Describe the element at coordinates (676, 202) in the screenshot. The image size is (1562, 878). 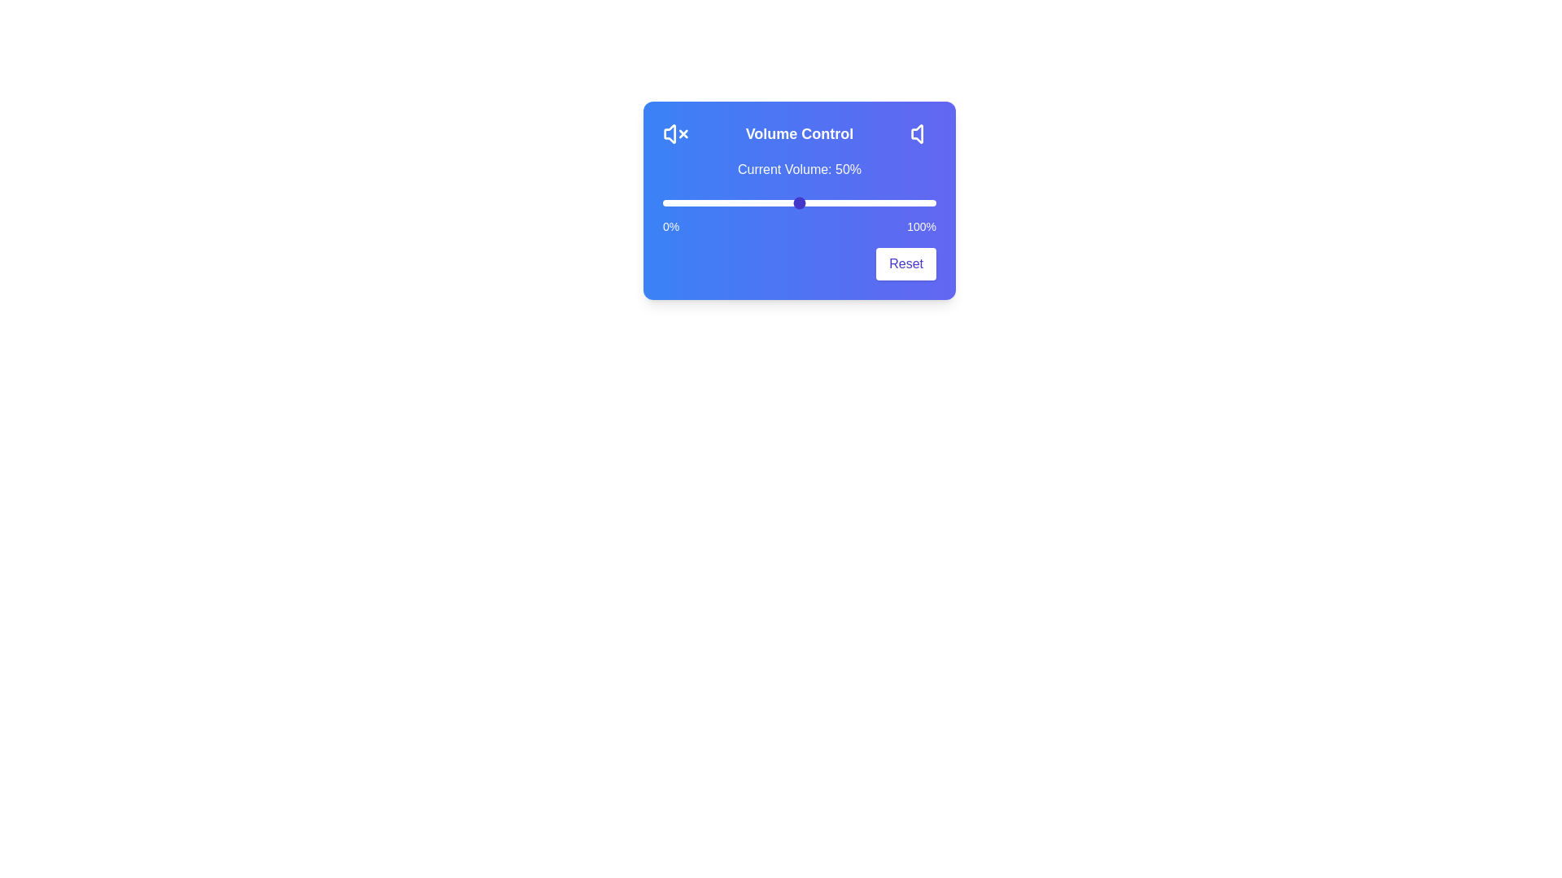
I see `the volume slider to 5%` at that location.